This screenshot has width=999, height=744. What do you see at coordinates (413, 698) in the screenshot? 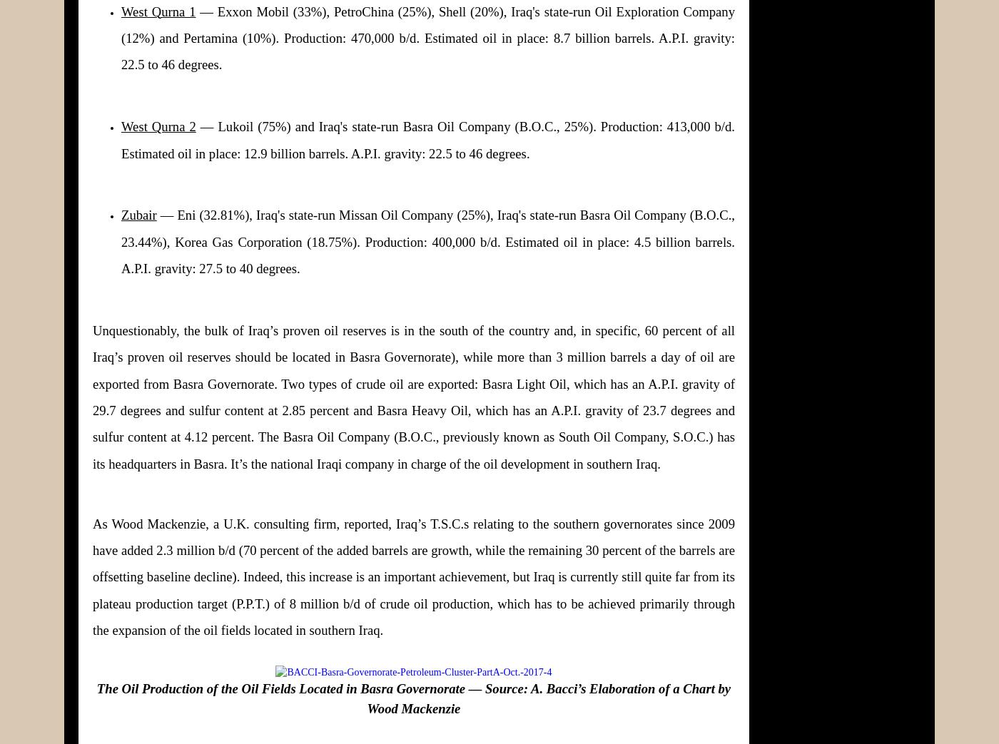
I see `'The Oil Production of the Oil
Fields Located in Basra Governorate — Source: A. Bacci’s Elaboration of a Chart
by Wood Mackenzie'` at bounding box center [413, 698].